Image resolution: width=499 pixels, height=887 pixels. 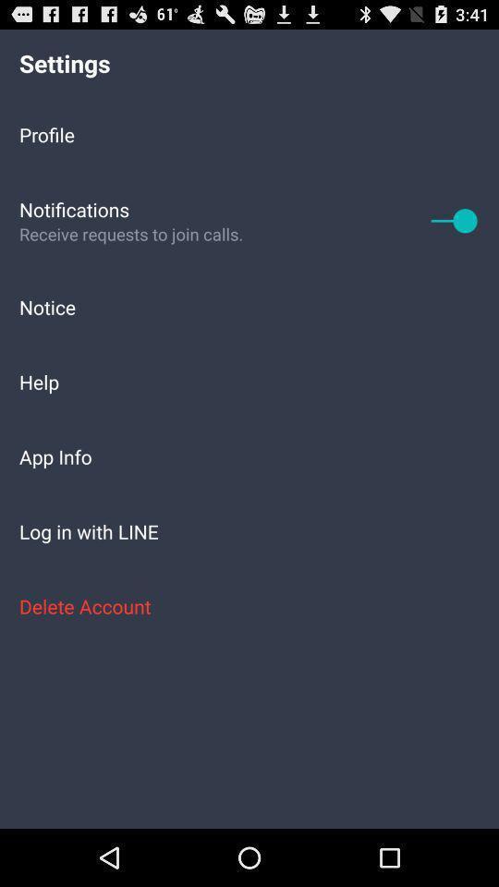 I want to click on help, so click(x=249, y=381).